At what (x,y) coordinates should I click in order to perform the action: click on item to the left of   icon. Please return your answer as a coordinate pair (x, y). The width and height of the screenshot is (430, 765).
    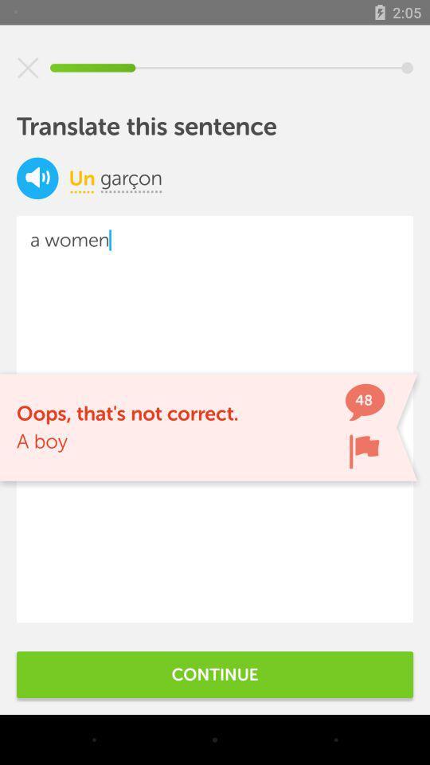
    Looking at the image, I should click on (82, 178).